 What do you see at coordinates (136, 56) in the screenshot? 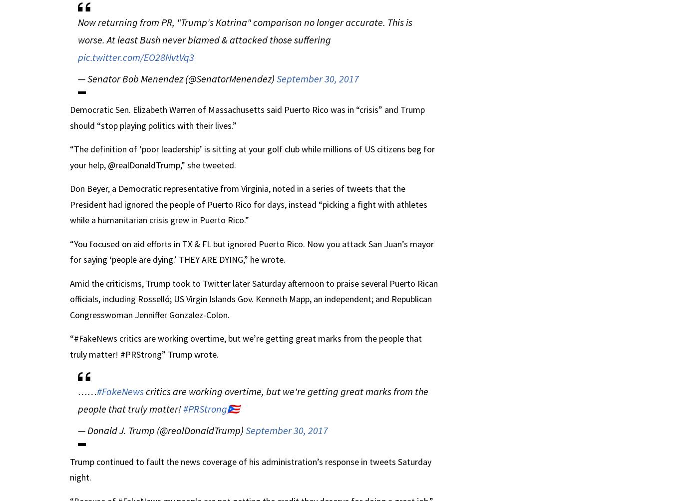
I see `'pic.twitter.com/EO28NvtVq3'` at bounding box center [136, 56].